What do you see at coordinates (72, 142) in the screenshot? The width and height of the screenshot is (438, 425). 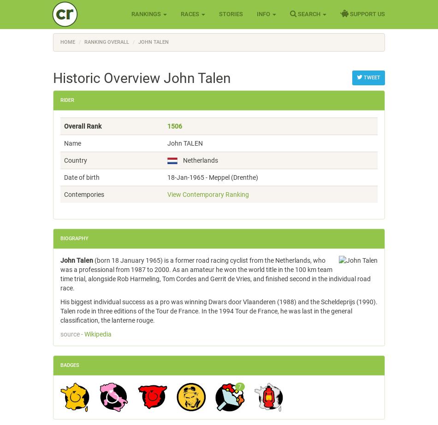 I see `'Name'` at bounding box center [72, 142].